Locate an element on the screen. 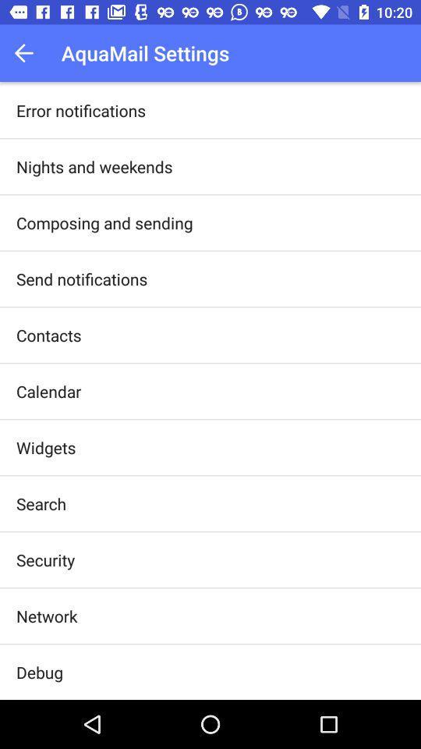 The height and width of the screenshot is (749, 421). item above nights and weekends app is located at coordinates (81, 109).